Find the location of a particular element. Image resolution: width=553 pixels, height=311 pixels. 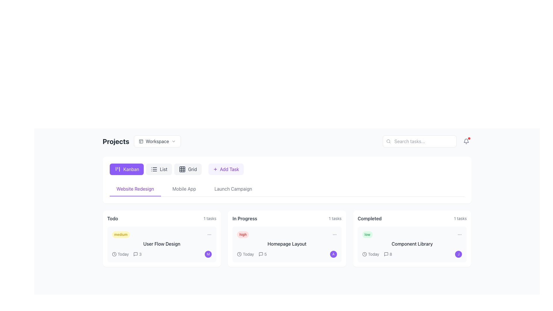

the comments icon located in the 'Completed' section beneath the 'Component Library' label, which indicates there are 8 messages related to it is located at coordinates (386, 254).